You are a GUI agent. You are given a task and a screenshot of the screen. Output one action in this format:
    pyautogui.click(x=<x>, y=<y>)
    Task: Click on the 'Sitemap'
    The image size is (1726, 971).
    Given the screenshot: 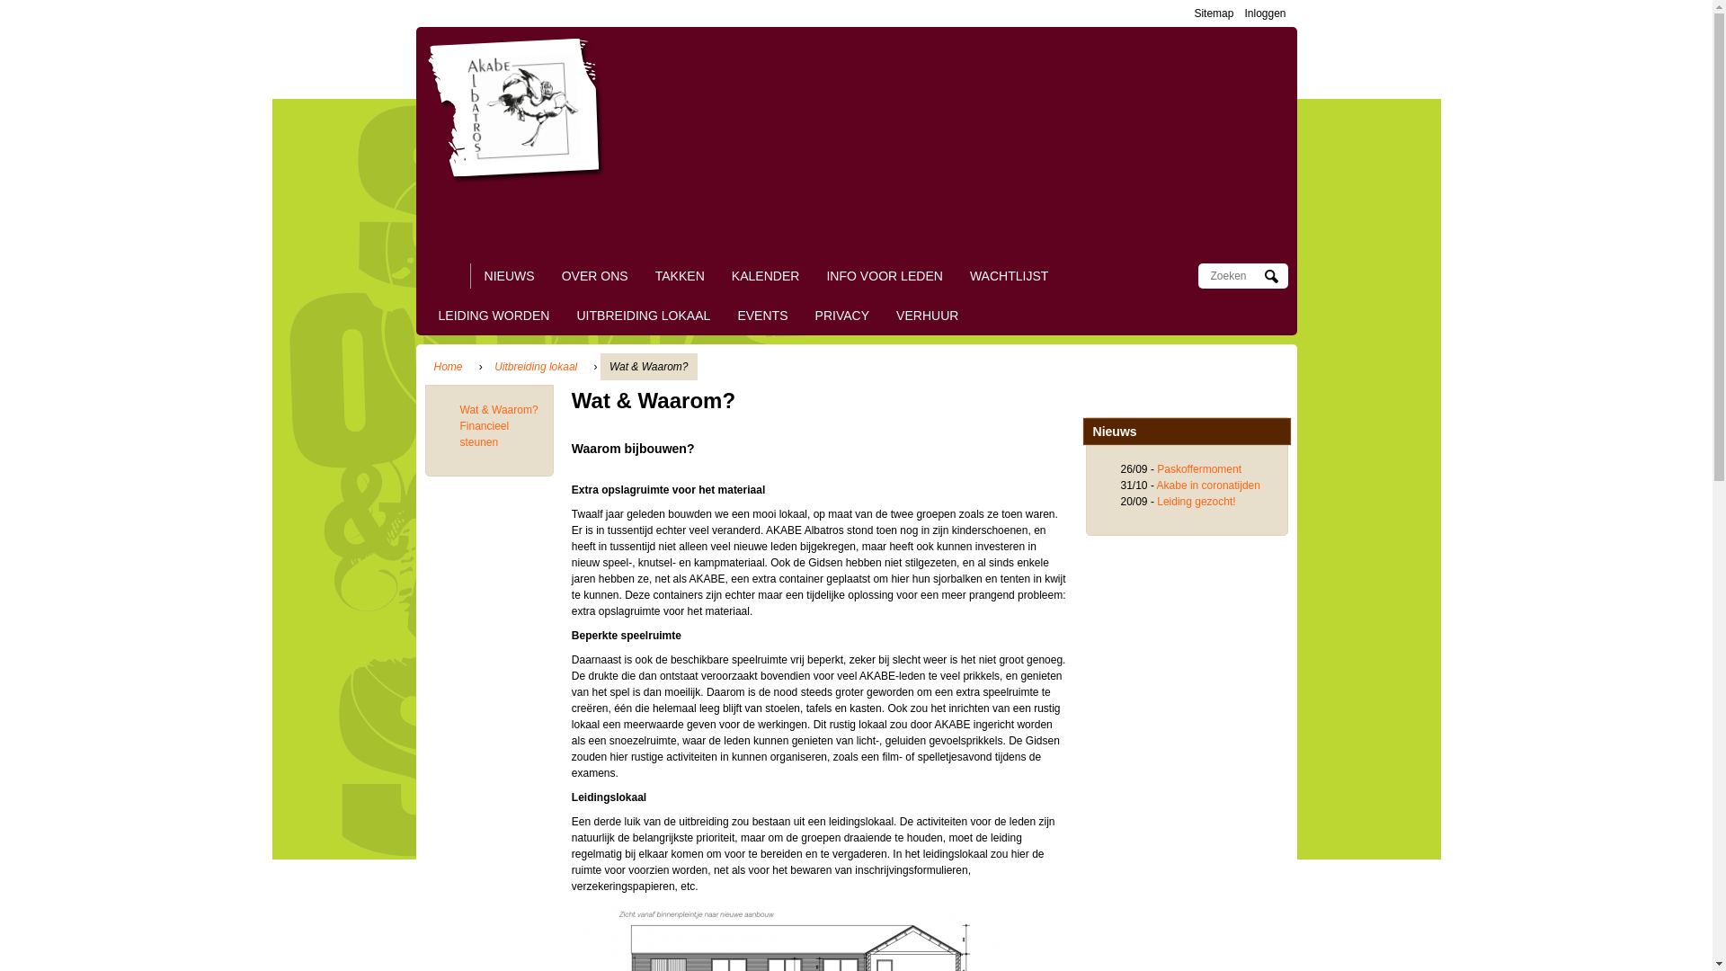 What is the action you would take?
    pyautogui.click(x=1213, y=13)
    